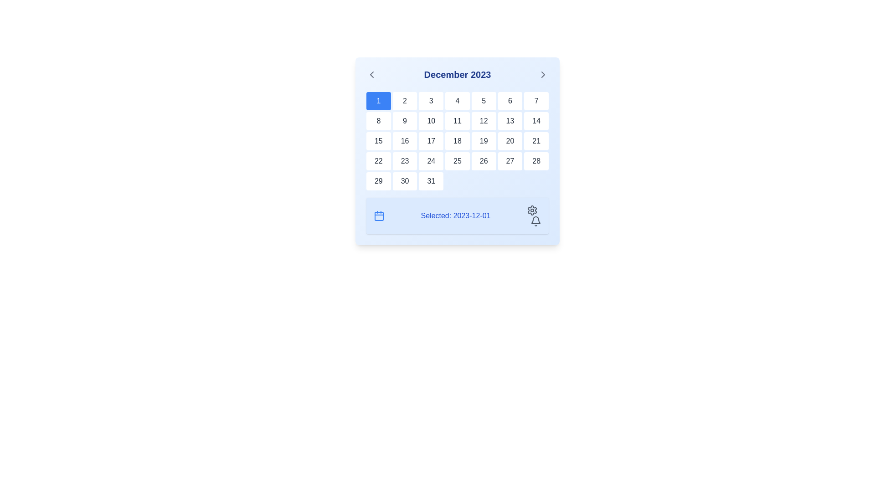 This screenshot has height=492, width=875. I want to click on the cogwheel icon representing settings, located at the bottom-right corner of the calendar interface, so click(532, 210).